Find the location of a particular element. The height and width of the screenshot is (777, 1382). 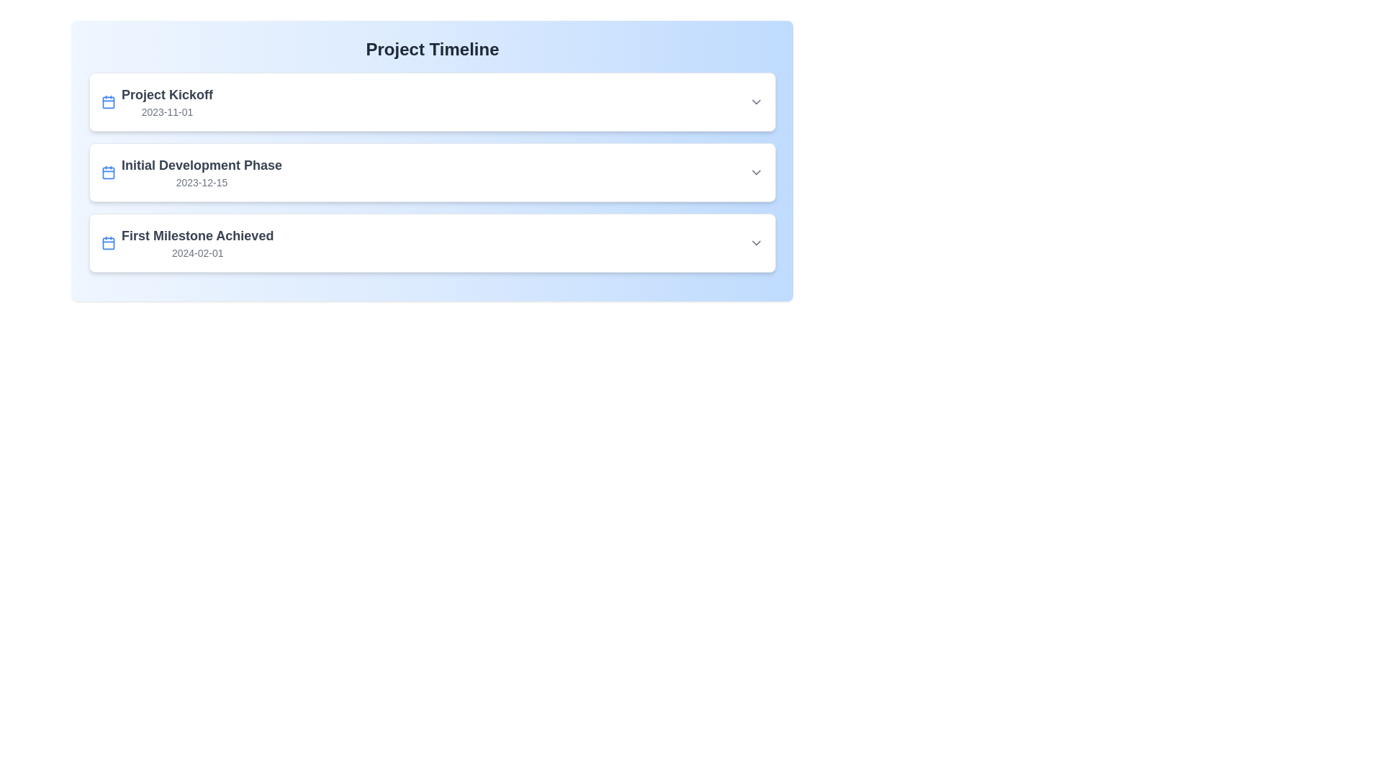

the text label reading 'First Milestone Achieved' which is displayed in bold gray font as part of the third entry in the timeline interface is located at coordinates (197, 235).